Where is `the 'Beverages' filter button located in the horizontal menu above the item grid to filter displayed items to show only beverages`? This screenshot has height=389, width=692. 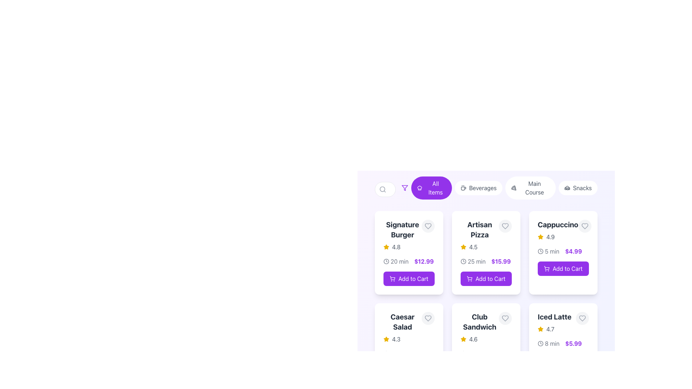
the 'Beverages' filter button located in the horizontal menu above the item grid to filter displayed items to show only beverages is located at coordinates (478, 187).